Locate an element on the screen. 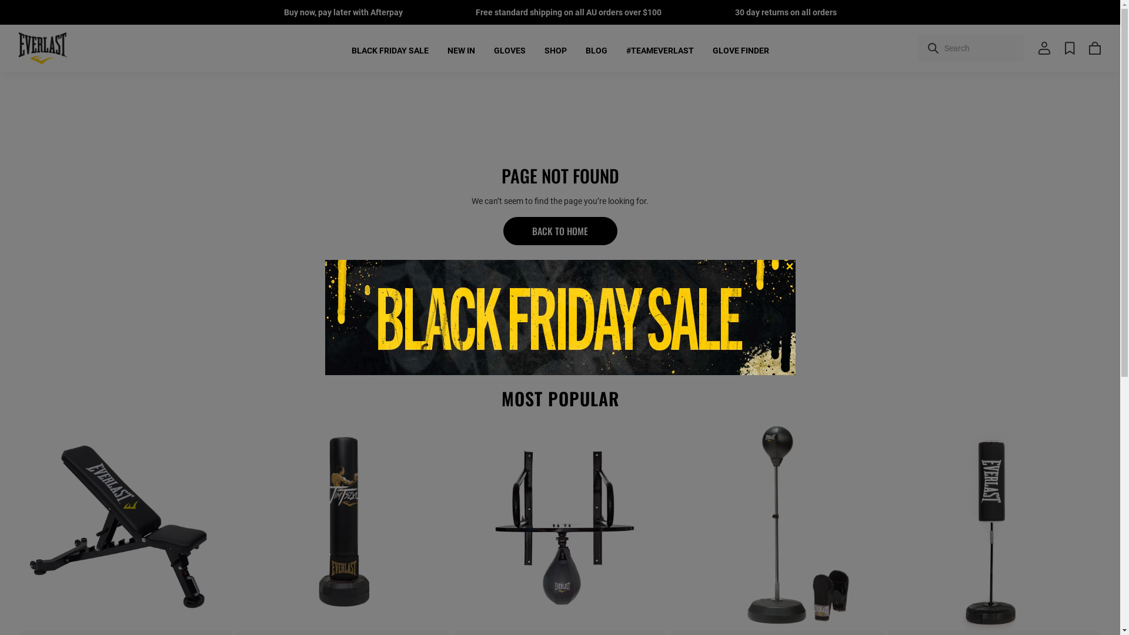  'BLOG' is located at coordinates (596, 49).